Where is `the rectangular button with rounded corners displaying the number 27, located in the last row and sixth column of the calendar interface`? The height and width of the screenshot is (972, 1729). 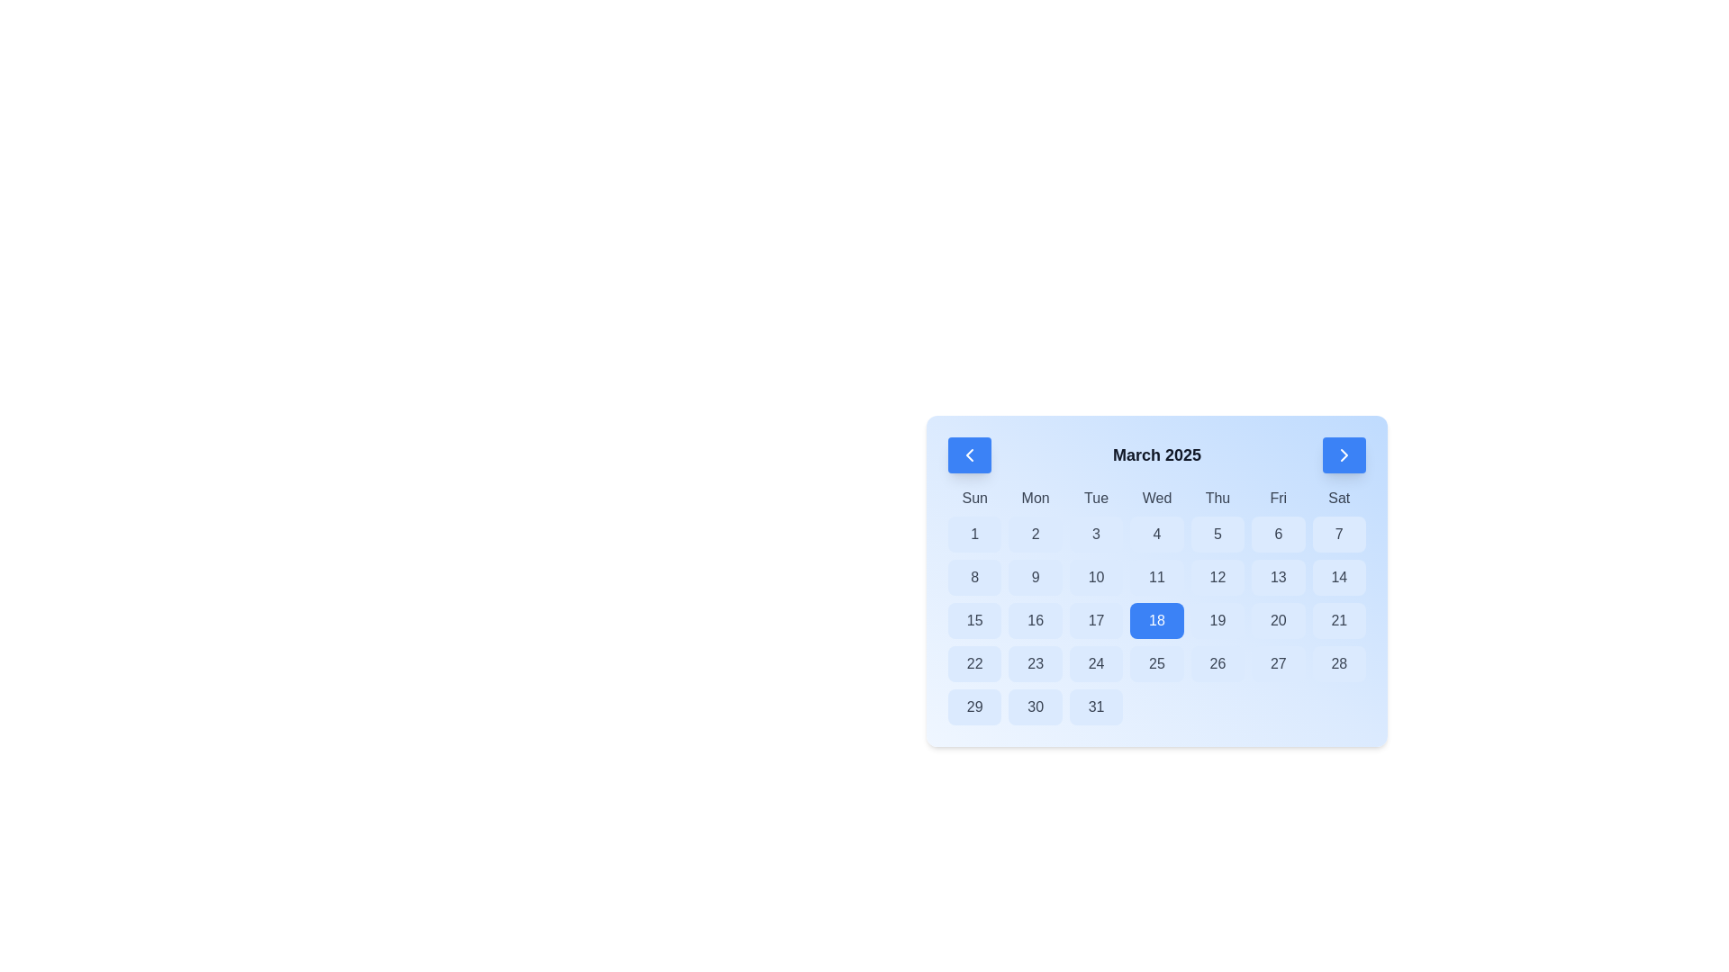
the rectangular button with rounded corners displaying the number 27, located in the last row and sixth column of the calendar interface is located at coordinates (1277, 663).